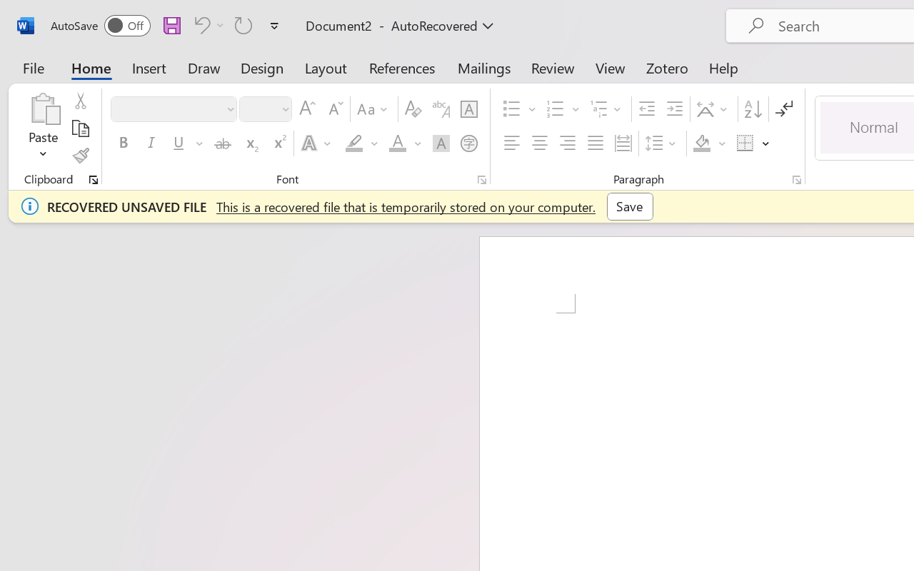 The image size is (914, 571). Describe the element at coordinates (243, 24) in the screenshot. I see `'Can'` at that location.